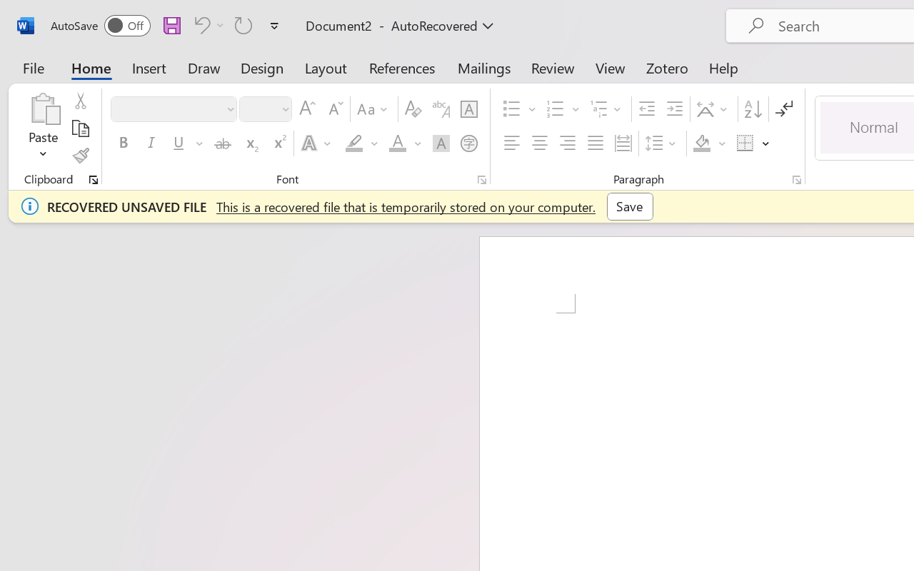 The image size is (914, 571). Describe the element at coordinates (243, 24) in the screenshot. I see `'Can'` at that location.